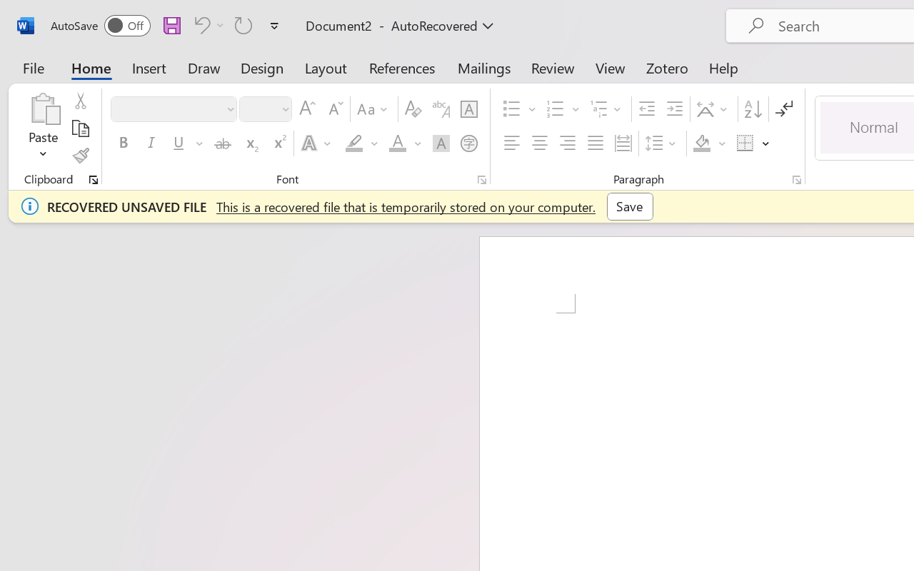 The image size is (914, 571). Describe the element at coordinates (243, 24) in the screenshot. I see `'Can'` at that location.